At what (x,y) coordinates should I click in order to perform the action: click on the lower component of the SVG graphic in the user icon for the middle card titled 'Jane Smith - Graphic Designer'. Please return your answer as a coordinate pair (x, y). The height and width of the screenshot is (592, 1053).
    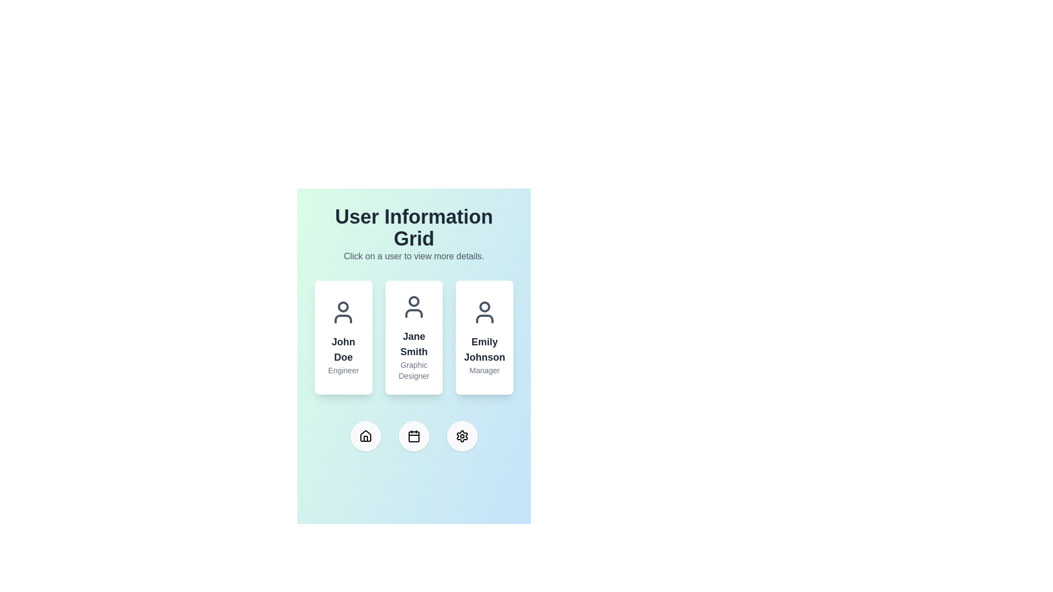
    Looking at the image, I should click on (413, 313).